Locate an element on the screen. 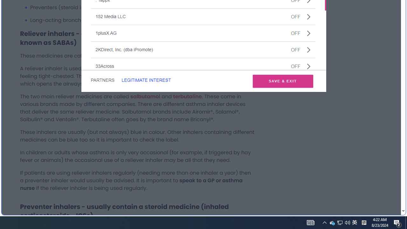  '33AcrossOFF' is located at coordinates (203, 66).